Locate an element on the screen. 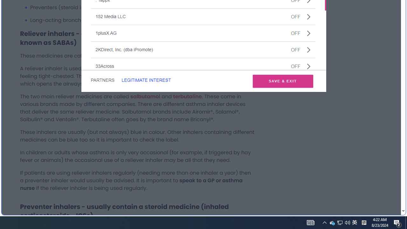  '33AcrossOFF' is located at coordinates (203, 66).